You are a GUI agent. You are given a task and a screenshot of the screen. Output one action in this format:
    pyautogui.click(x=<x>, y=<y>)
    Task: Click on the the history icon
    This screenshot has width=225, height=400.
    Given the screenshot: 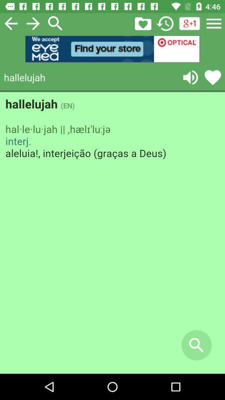 What is the action you would take?
    pyautogui.click(x=165, y=23)
    